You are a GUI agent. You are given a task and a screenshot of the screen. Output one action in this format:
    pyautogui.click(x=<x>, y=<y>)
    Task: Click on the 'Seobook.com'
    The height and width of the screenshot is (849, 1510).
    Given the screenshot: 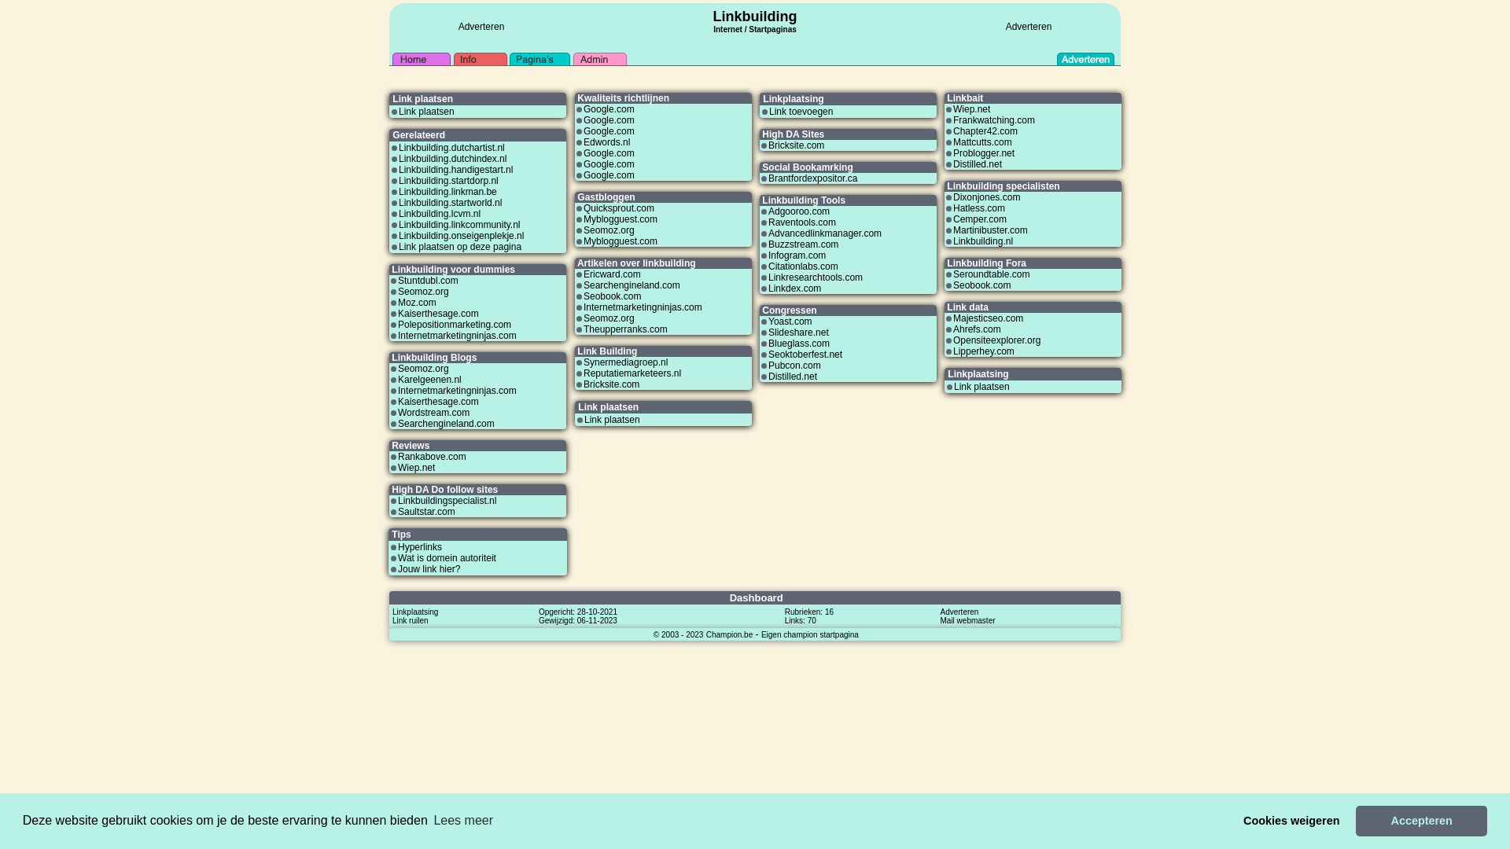 What is the action you would take?
    pyautogui.click(x=981, y=285)
    